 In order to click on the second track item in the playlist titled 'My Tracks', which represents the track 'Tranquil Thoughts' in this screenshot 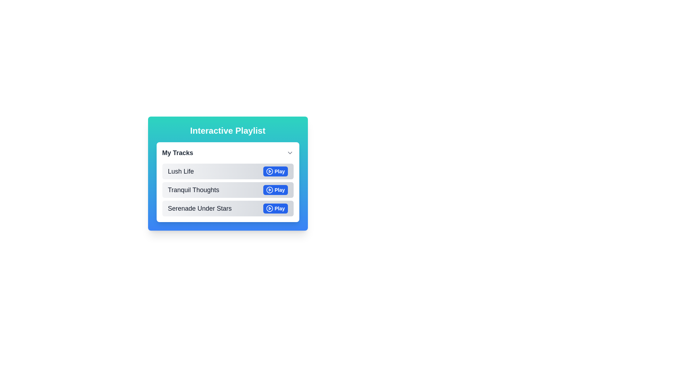, I will do `click(227, 189)`.